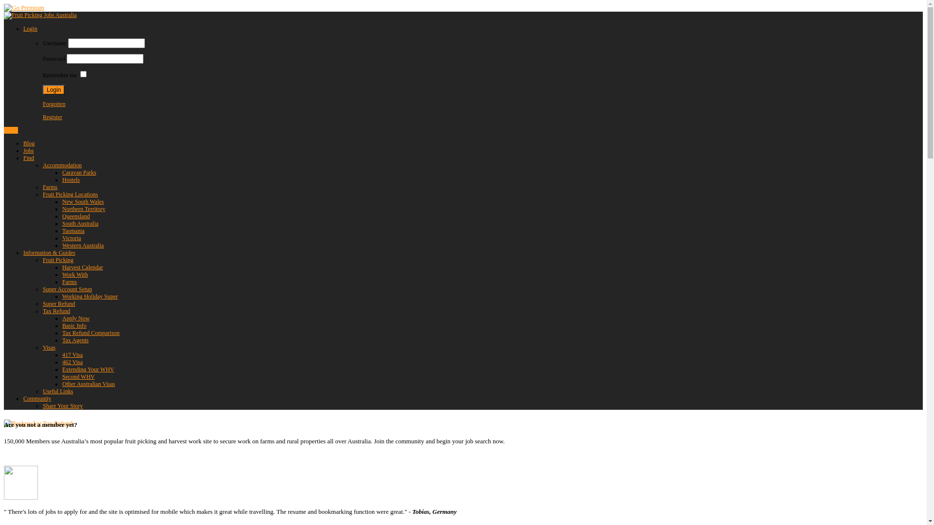 Image resolution: width=934 pixels, height=525 pixels. What do you see at coordinates (62, 164) in the screenshot?
I see `'Accommodation'` at bounding box center [62, 164].